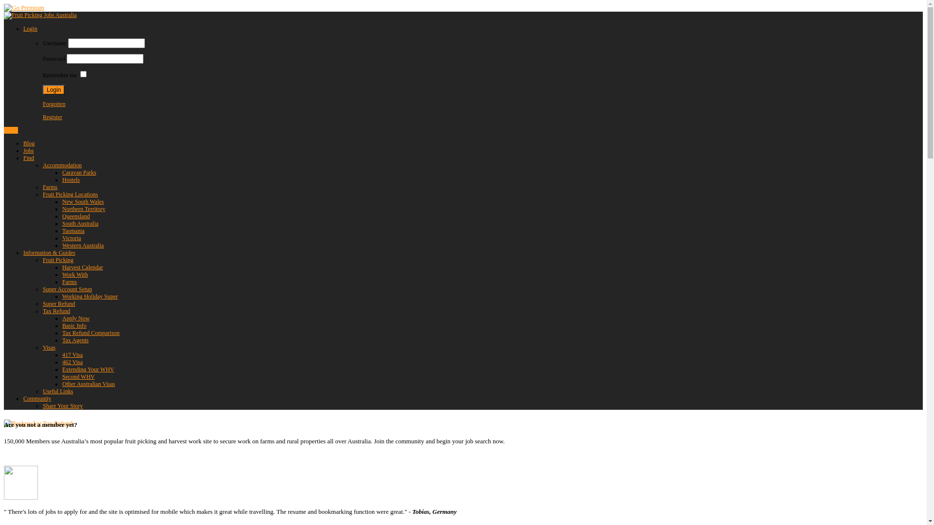 Image resolution: width=934 pixels, height=525 pixels. What do you see at coordinates (62, 164) in the screenshot?
I see `'Accommodation'` at bounding box center [62, 164].